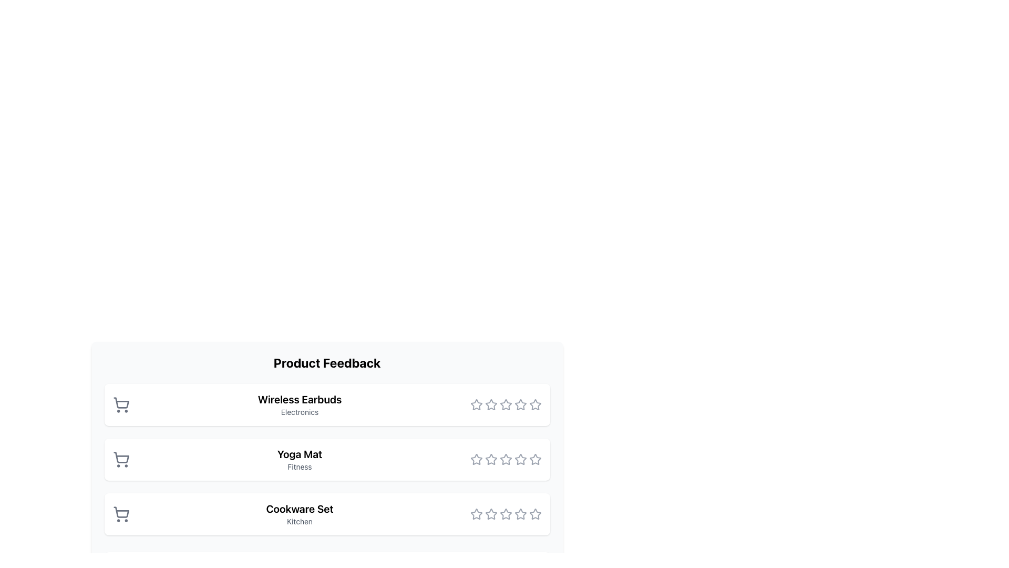  What do you see at coordinates (535, 514) in the screenshot?
I see `the fifth star-shaped icon in the rating section for the 'Cookware Set' item` at bounding box center [535, 514].